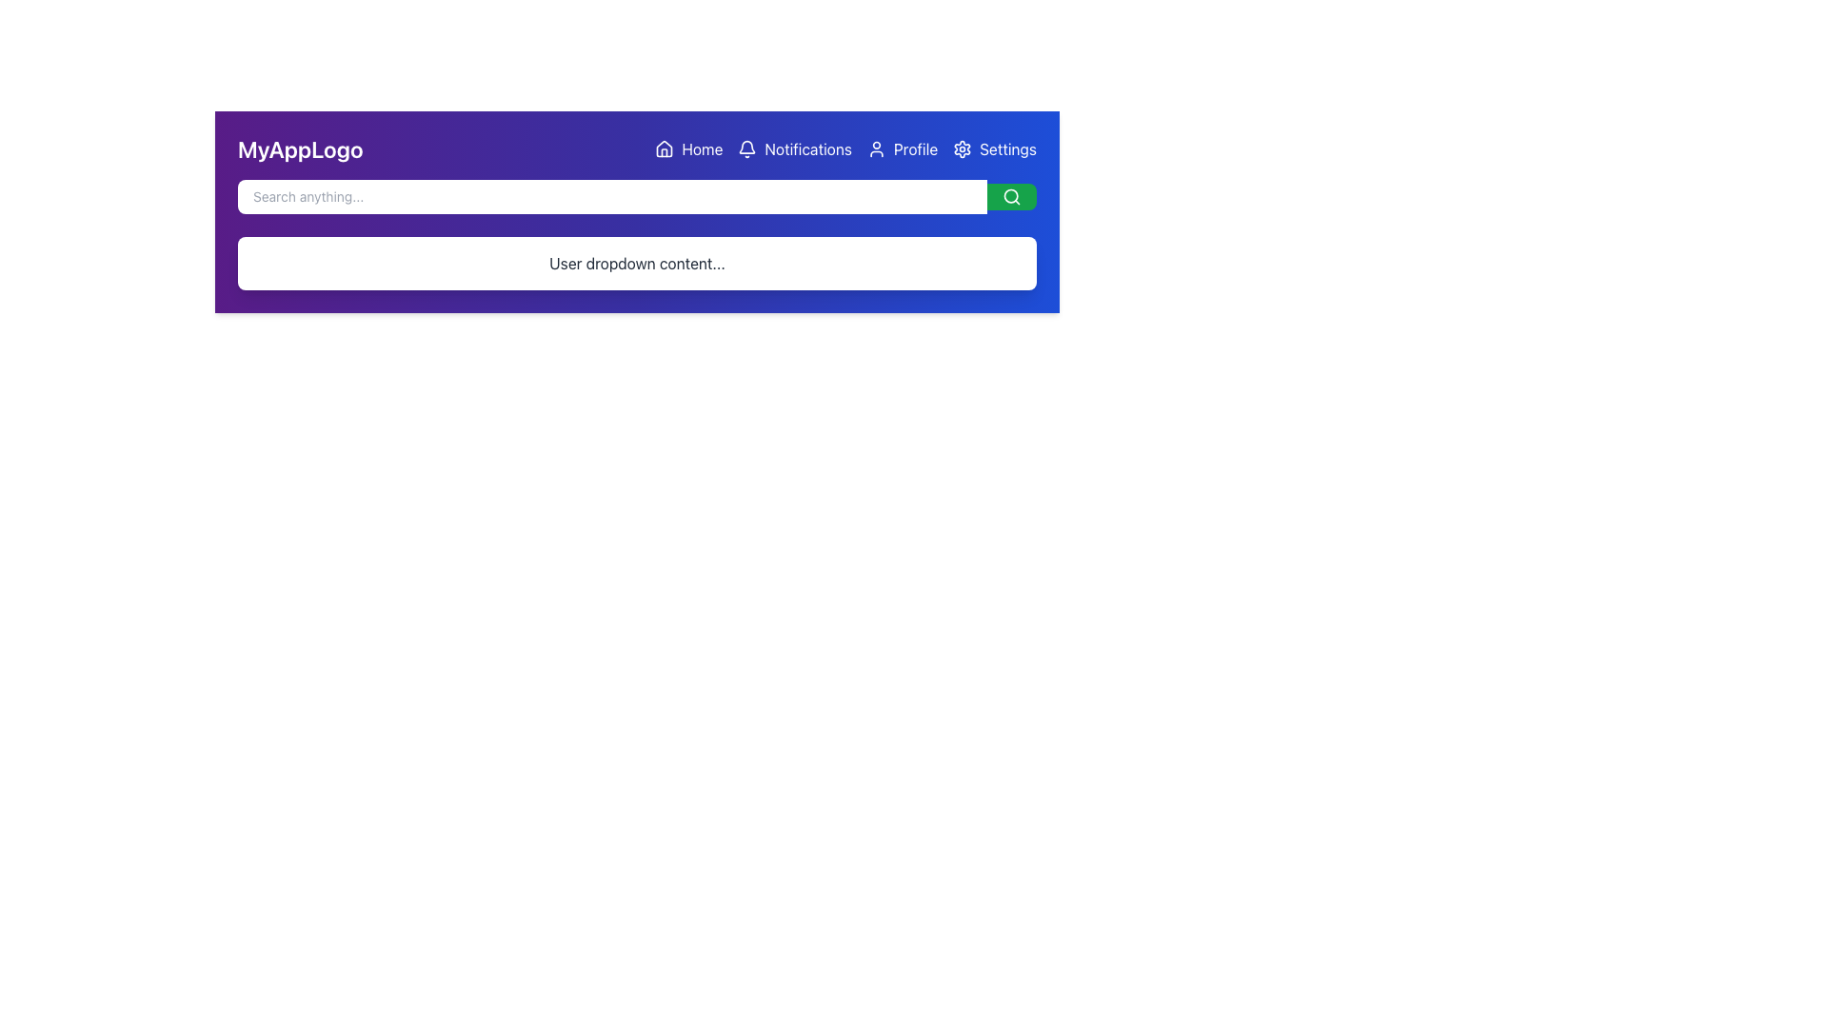 This screenshot has height=1028, width=1828. Describe the element at coordinates (902, 148) in the screenshot. I see `the profile button located in the top-right section of the page, which is the third button in a horizontal row of navigational items` at that location.